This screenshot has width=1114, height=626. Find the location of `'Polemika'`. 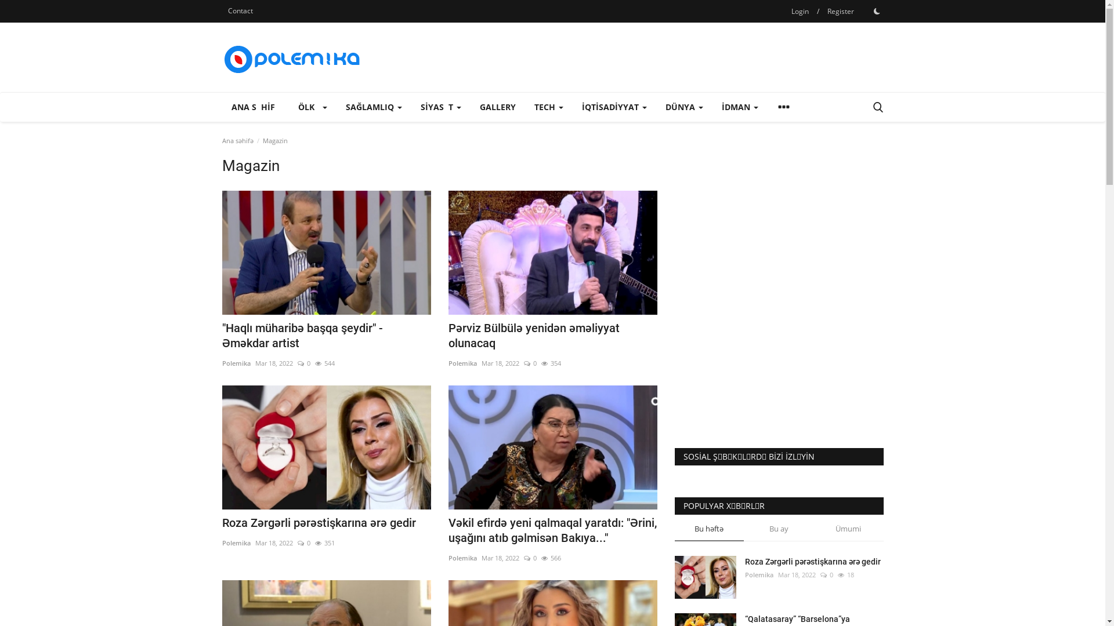

'Polemika' is located at coordinates (461, 363).